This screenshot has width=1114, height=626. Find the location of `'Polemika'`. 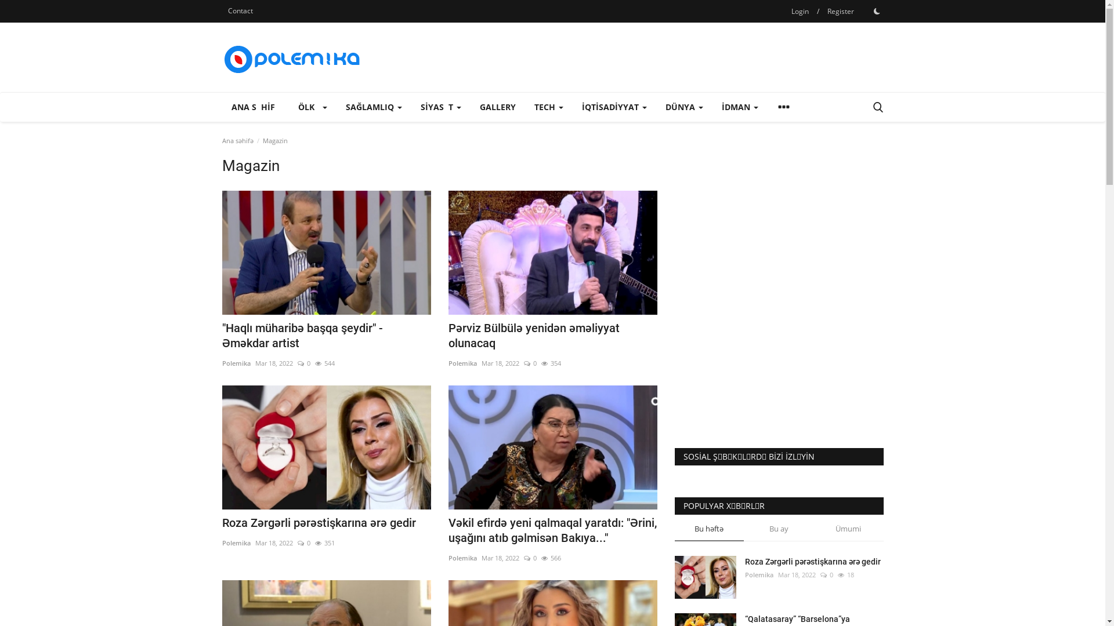

'Polemika' is located at coordinates (461, 363).